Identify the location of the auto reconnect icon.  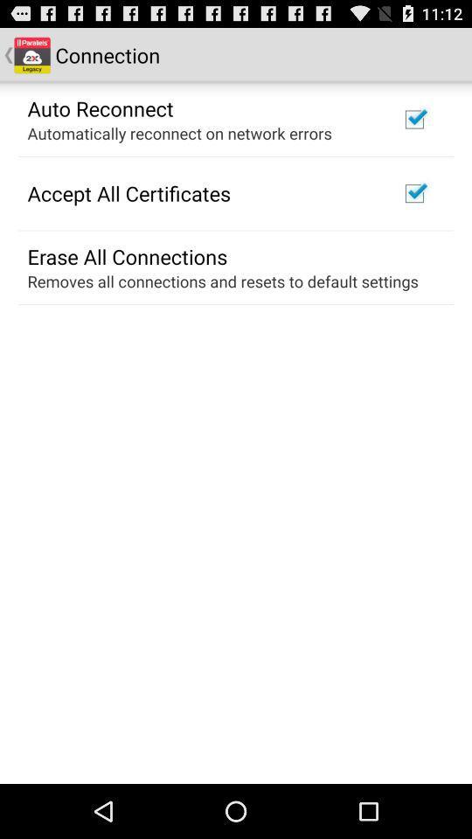
(101, 107).